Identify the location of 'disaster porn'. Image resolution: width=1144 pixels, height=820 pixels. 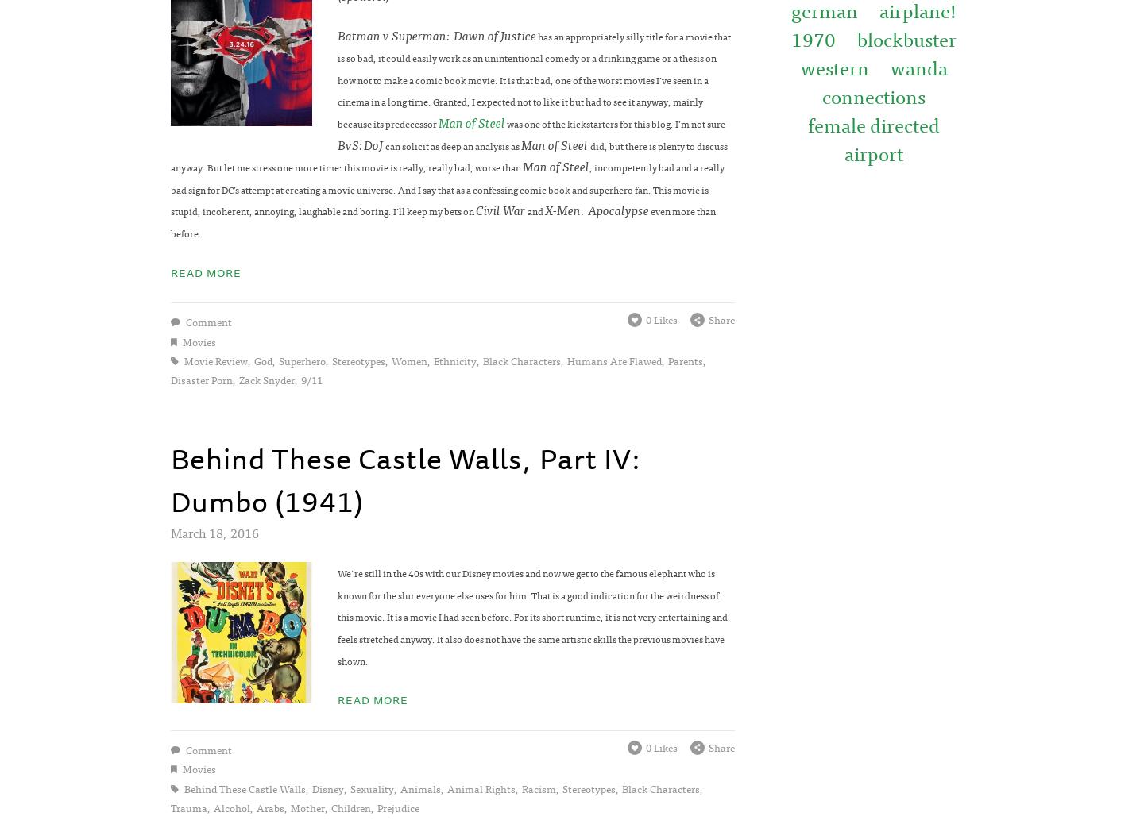
(201, 379).